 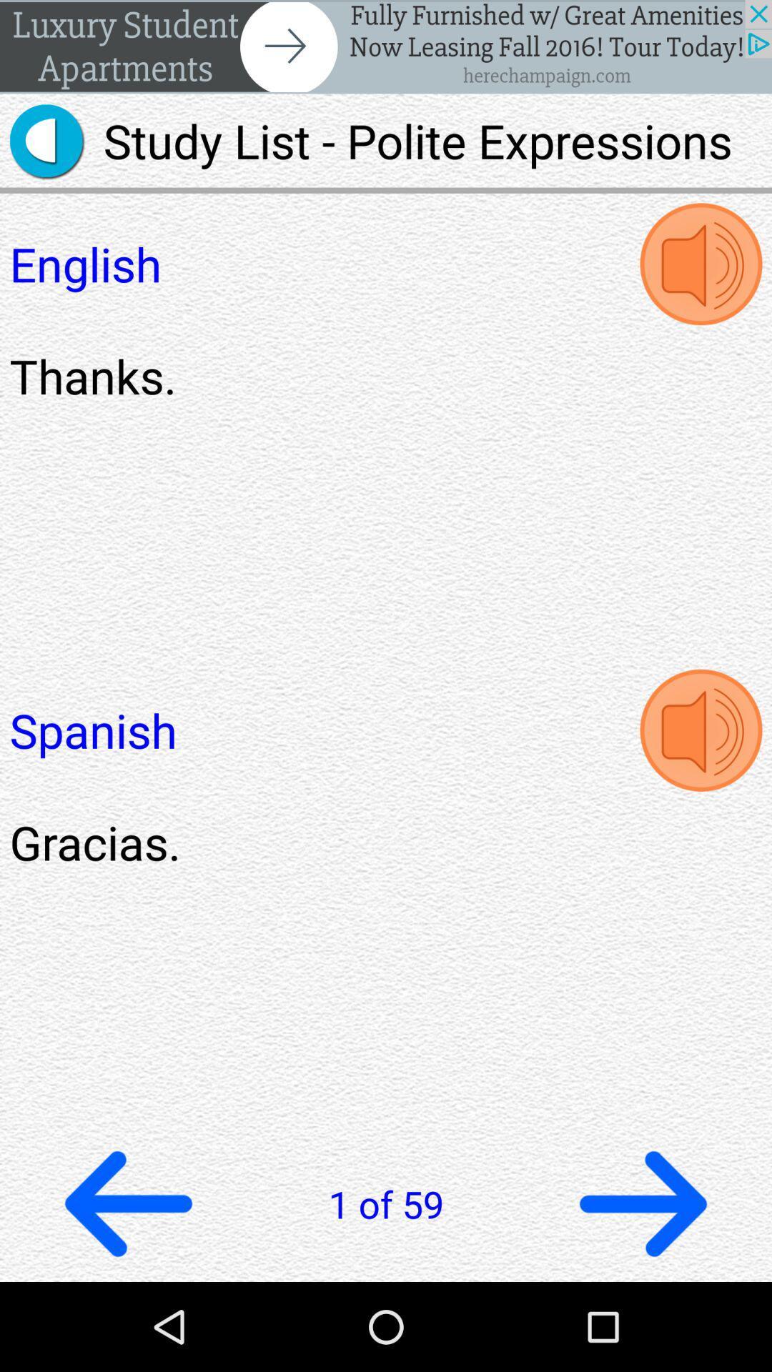 What do you see at coordinates (129, 1288) in the screenshot?
I see `the arrow_backward icon` at bounding box center [129, 1288].